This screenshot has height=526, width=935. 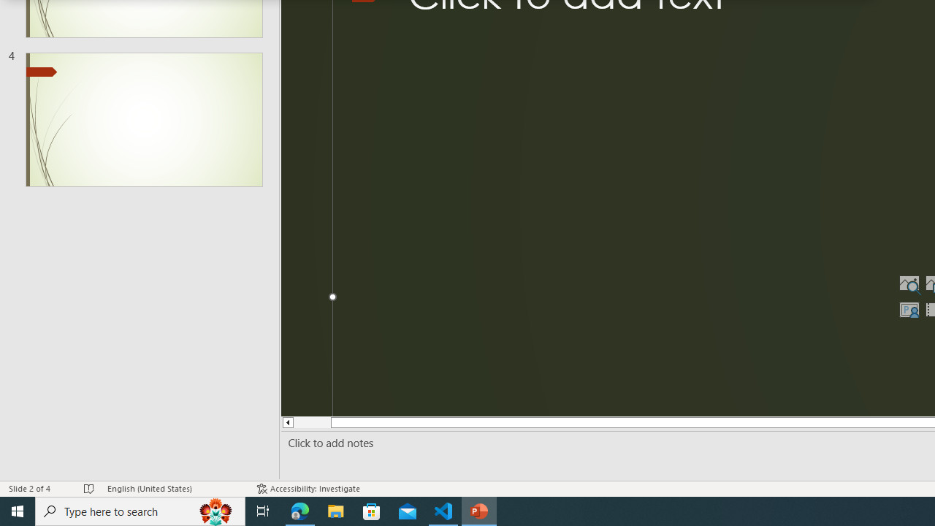 What do you see at coordinates (908, 309) in the screenshot?
I see `'Insert Cameo'` at bounding box center [908, 309].